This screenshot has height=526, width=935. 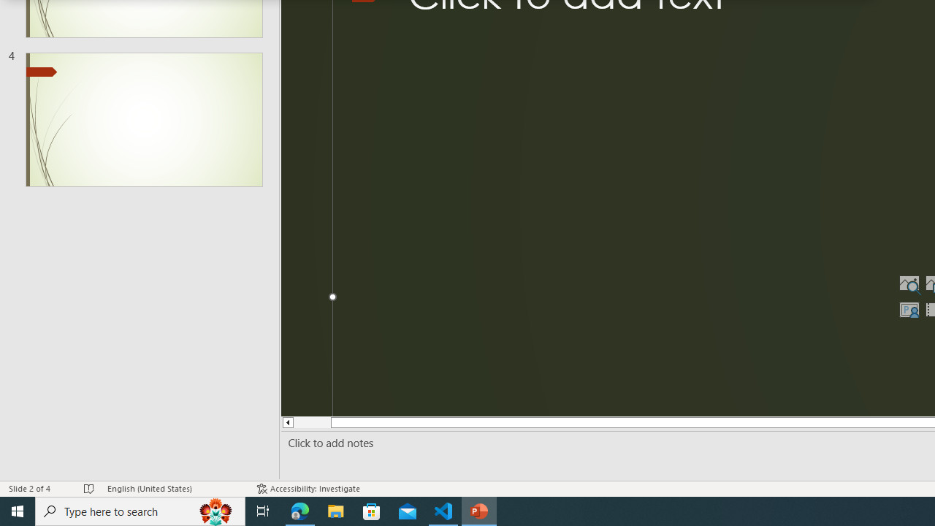 What do you see at coordinates (908, 309) in the screenshot?
I see `'Insert Cameo'` at bounding box center [908, 309].